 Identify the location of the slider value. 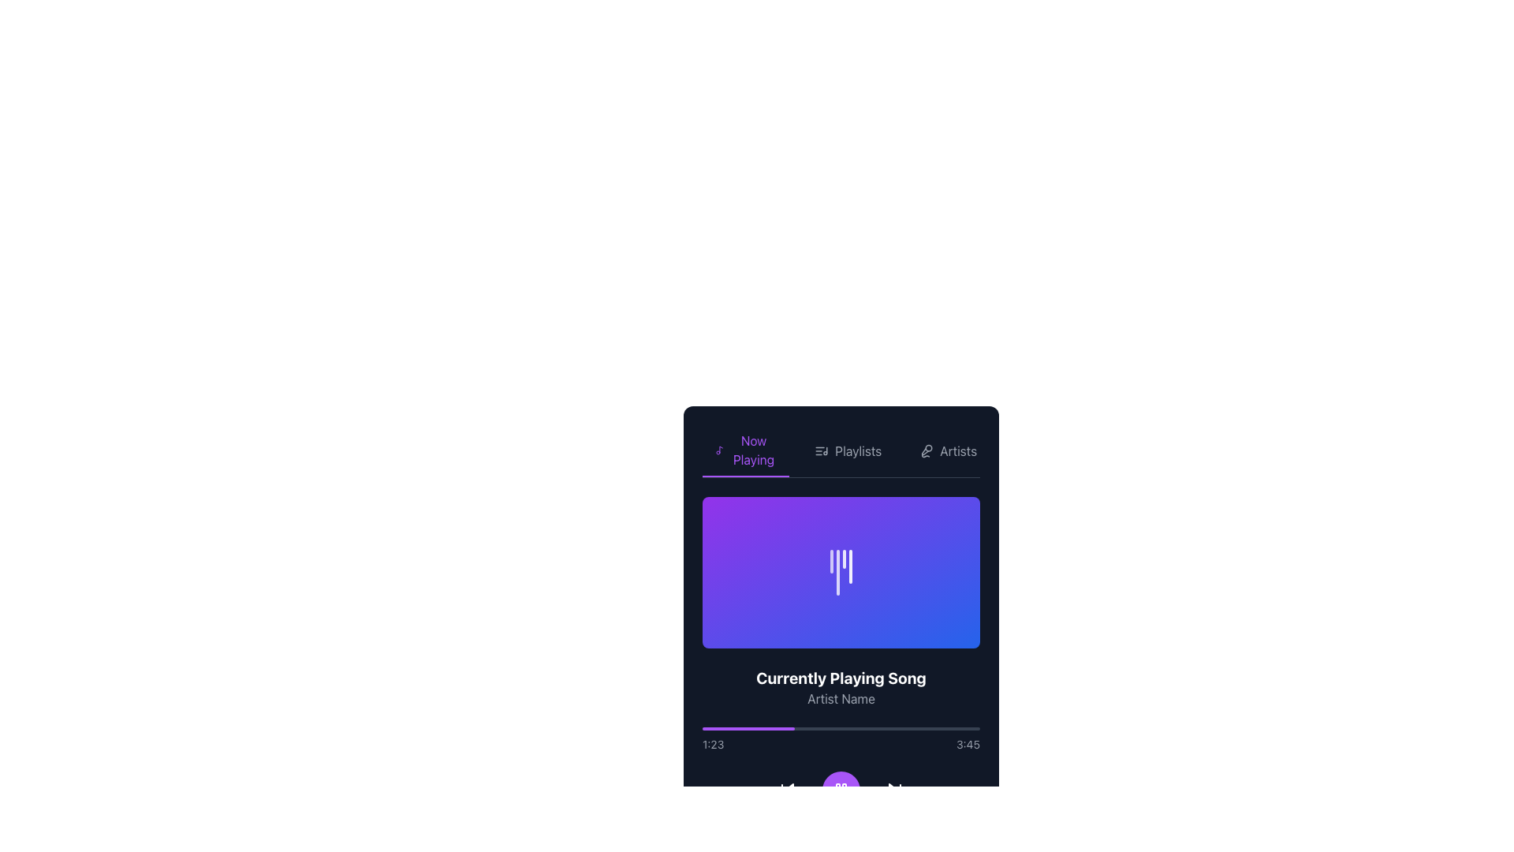
(772, 835).